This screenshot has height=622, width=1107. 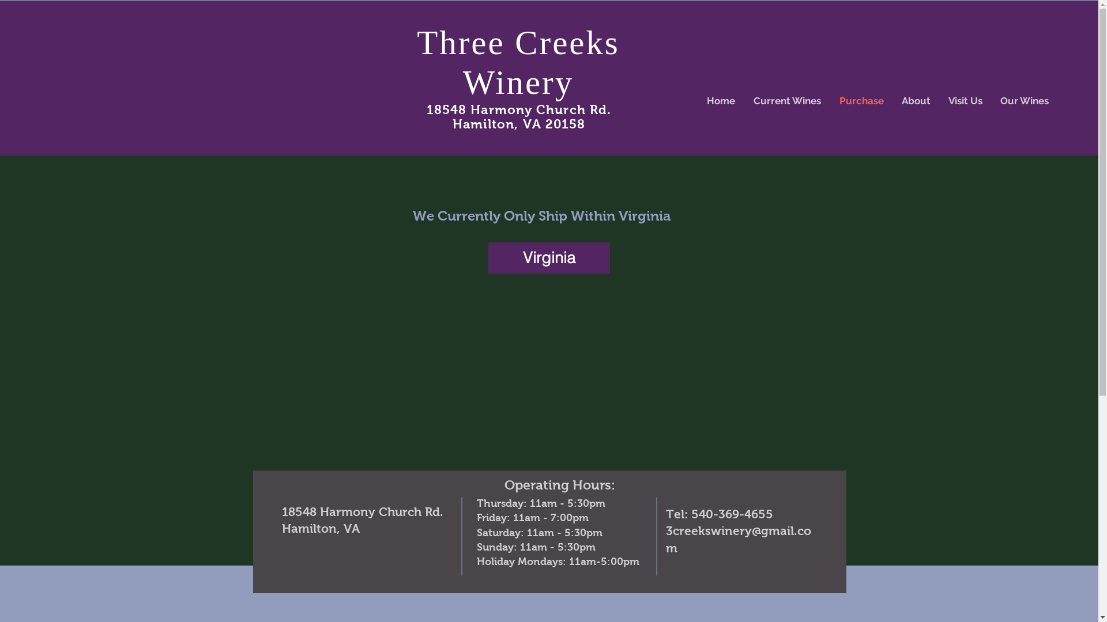 I want to click on 'Our Wines', so click(x=1024, y=100).